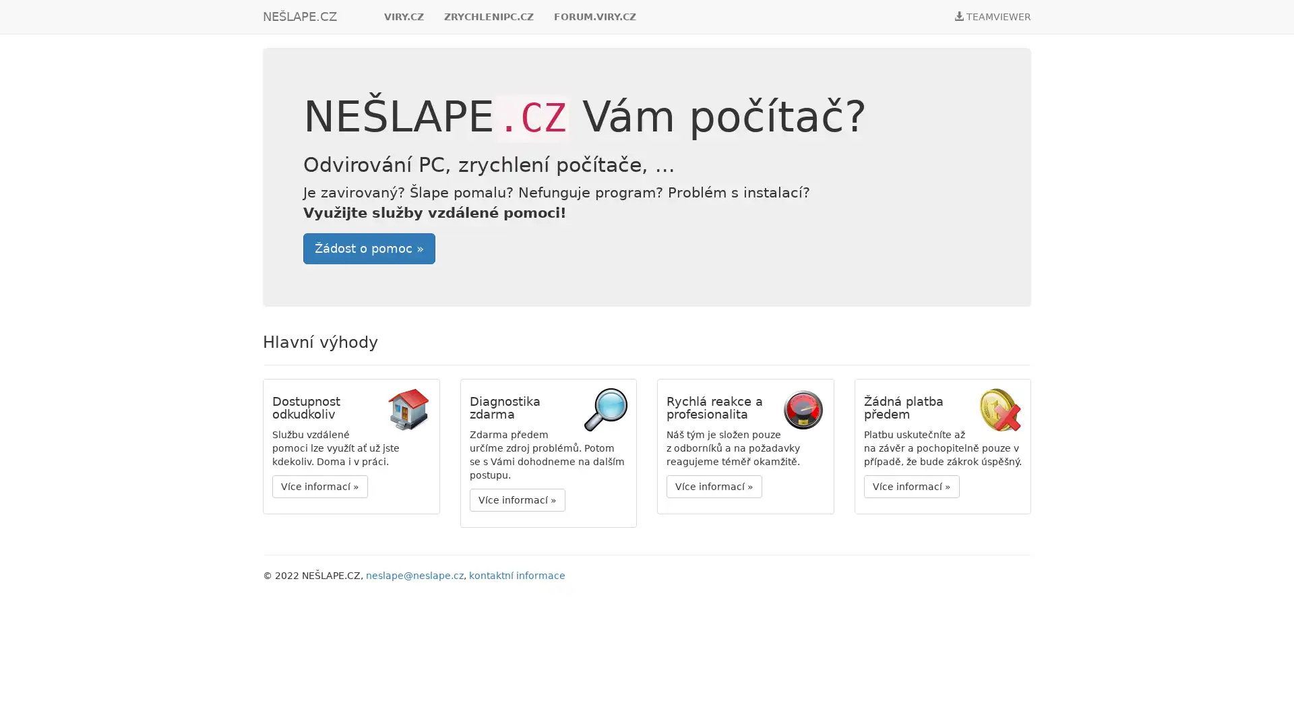  I want to click on Vice informaci, so click(714, 486).